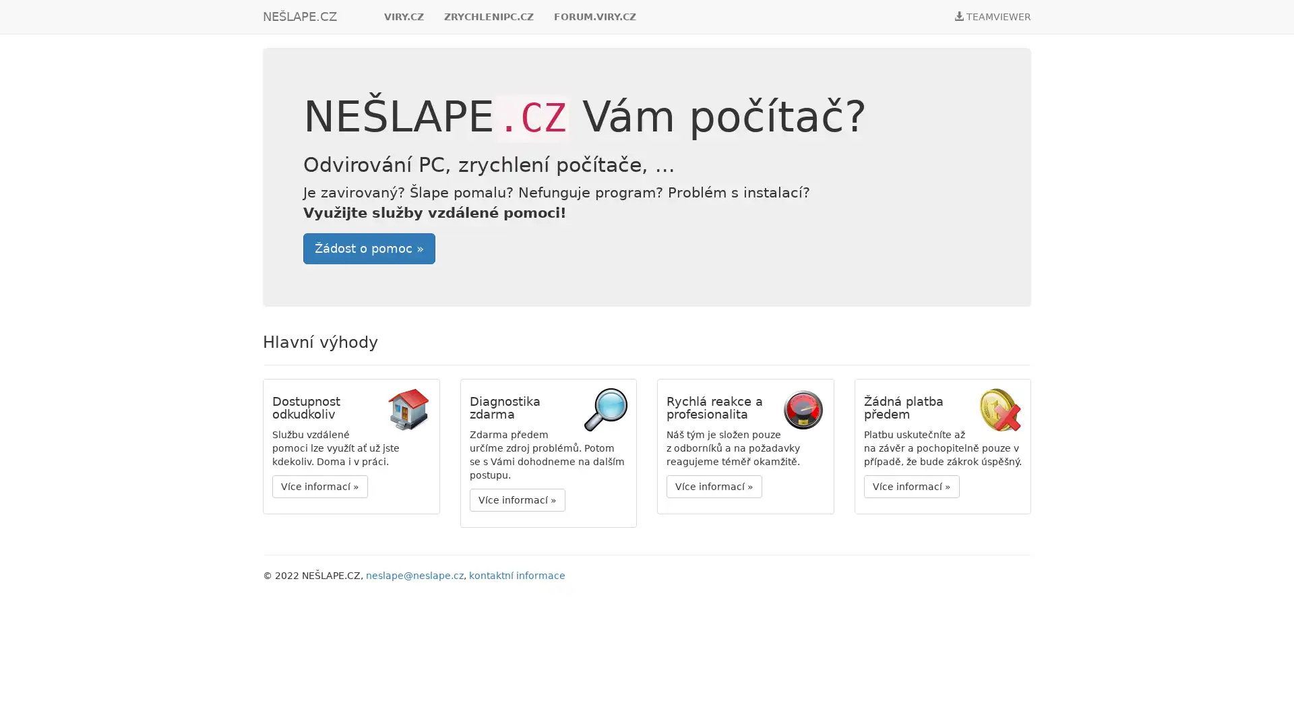  I want to click on Vice informaci, so click(714, 486).